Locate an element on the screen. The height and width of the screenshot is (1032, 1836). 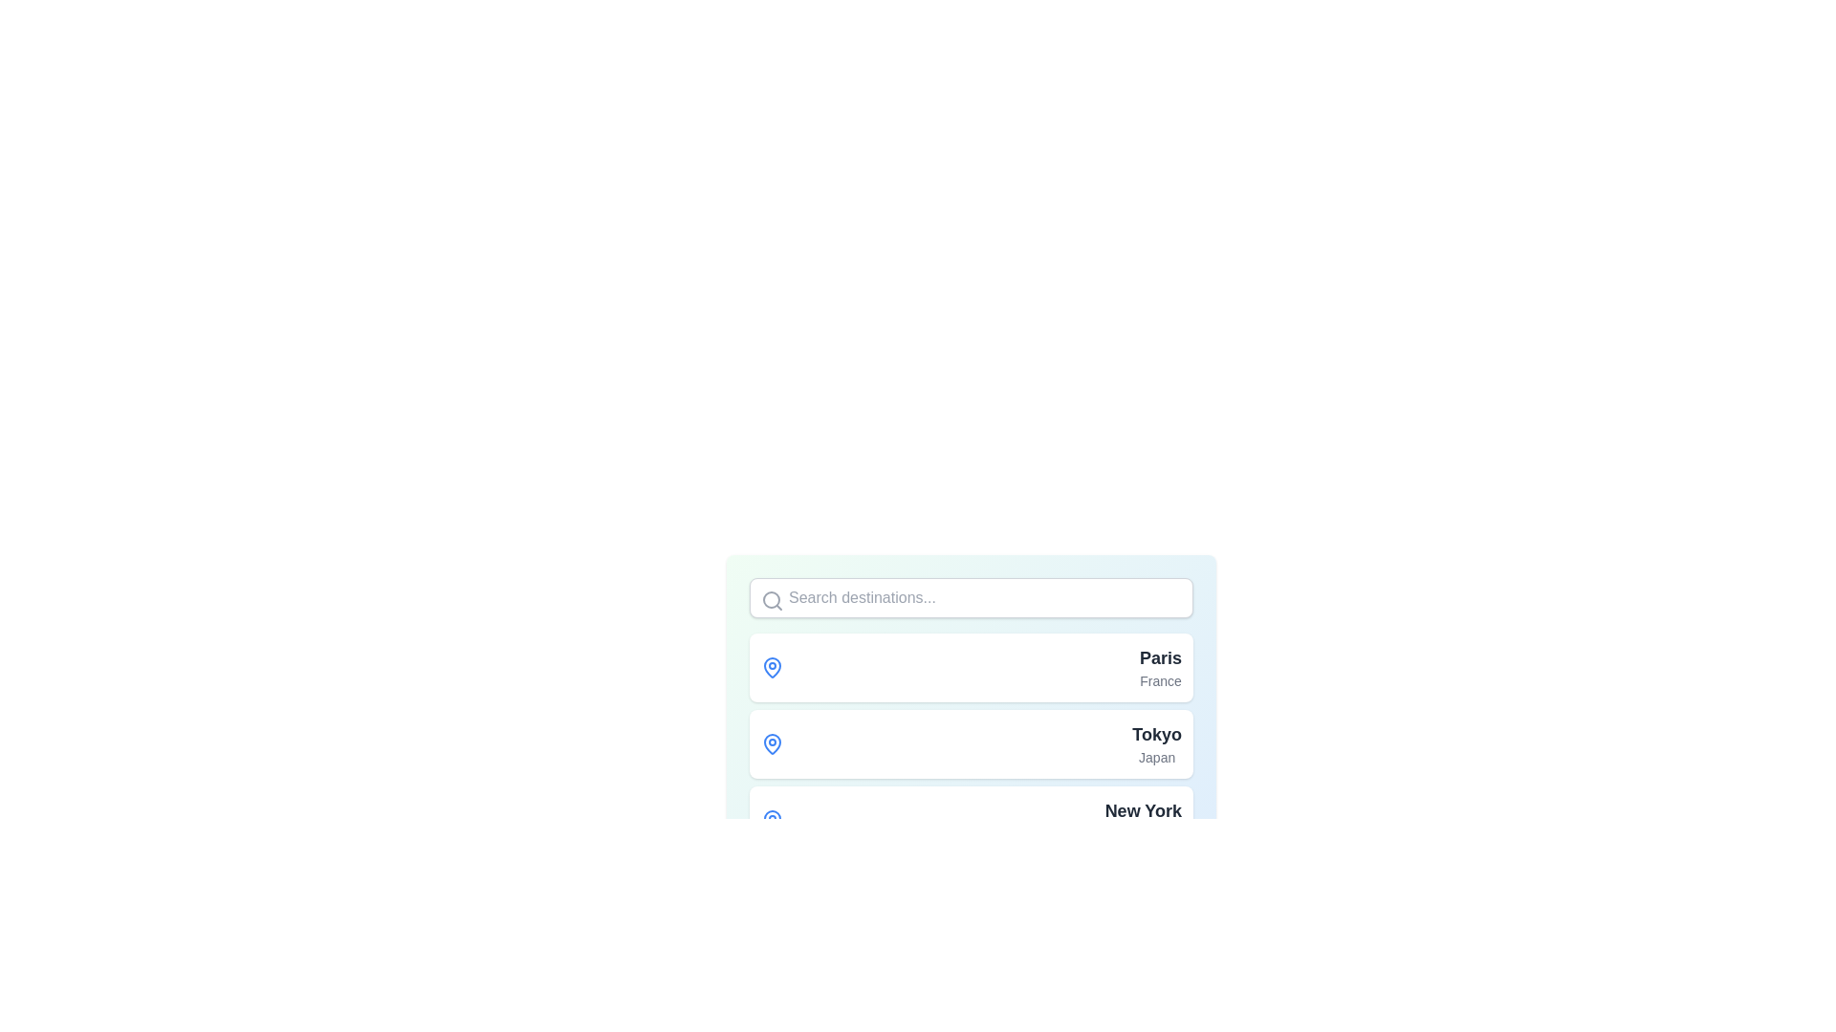
the blue map pin icon located in the first row of the destination list, to the left of the text 'Paris' and its description 'France' is located at coordinates (772, 666).